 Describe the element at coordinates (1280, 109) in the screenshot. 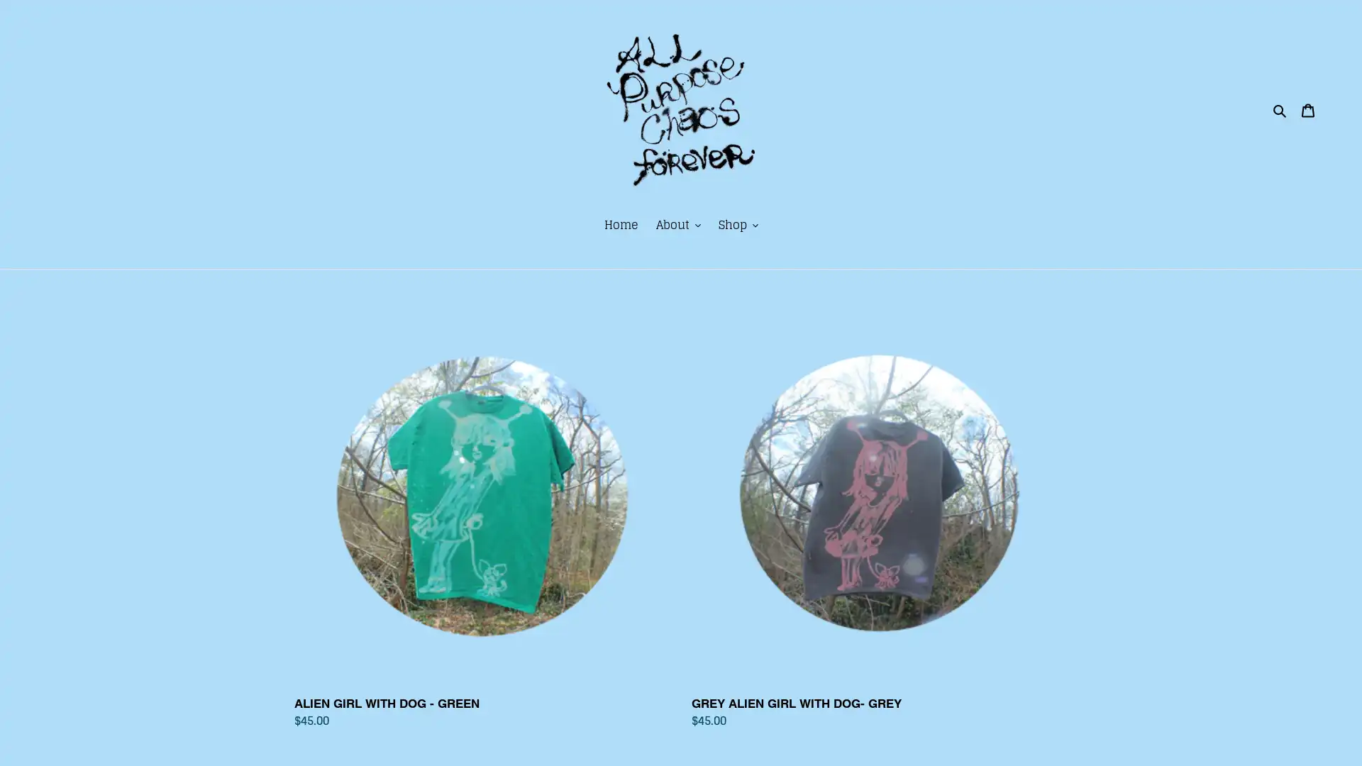

I see `Search` at that location.